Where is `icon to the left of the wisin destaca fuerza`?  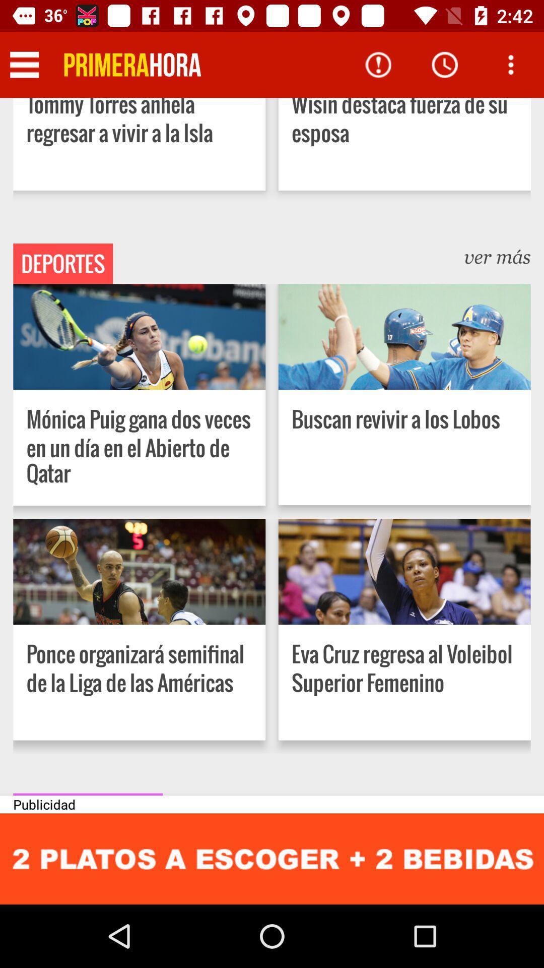
icon to the left of the wisin destaca fuerza is located at coordinates (132, 64).